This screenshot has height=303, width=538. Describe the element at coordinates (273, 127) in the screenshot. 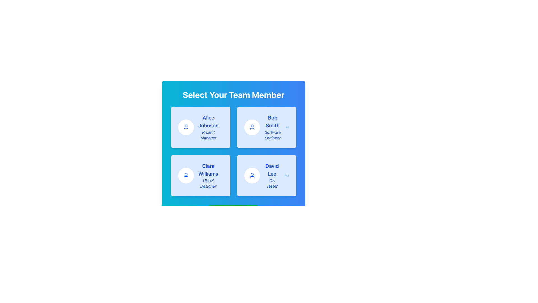

I see `information displayed in the upper-right card of the team selection interface, which identifies a team member by name and role` at that location.